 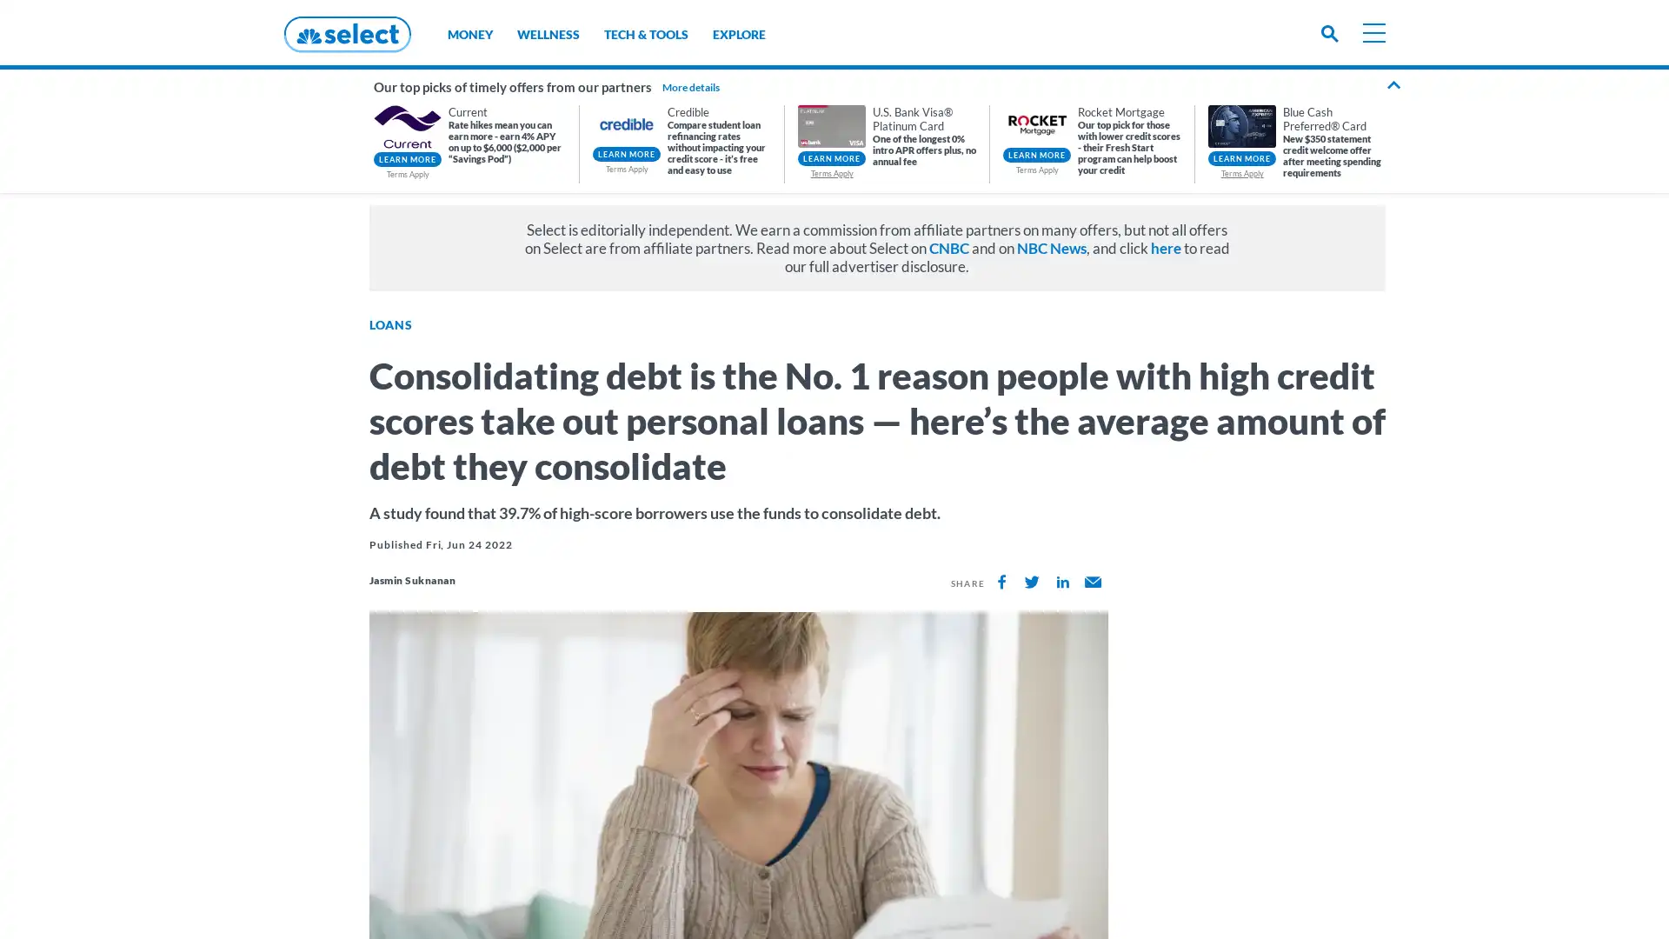 What do you see at coordinates (1031, 582) in the screenshot?
I see `Share Article via Twitter` at bounding box center [1031, 582].